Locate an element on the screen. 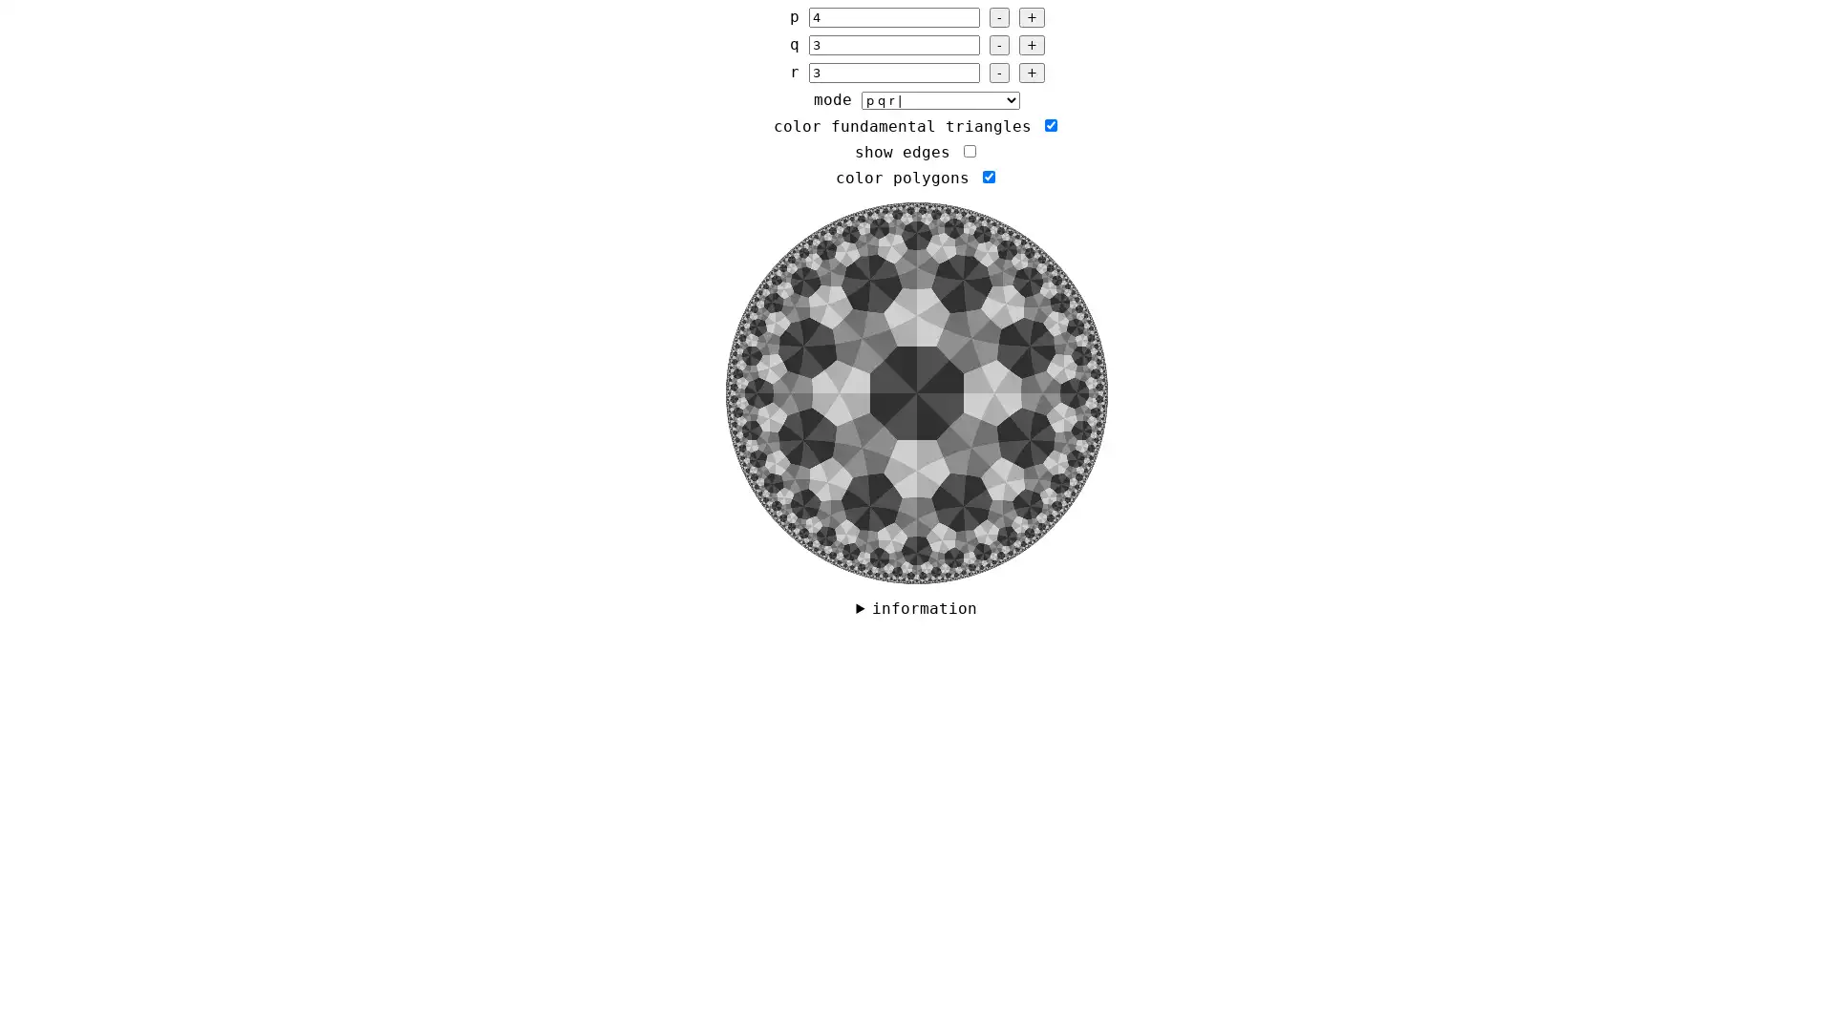 The height and width of the screenshot is (1031, 1834). + is located at coordinates (1030, 44).